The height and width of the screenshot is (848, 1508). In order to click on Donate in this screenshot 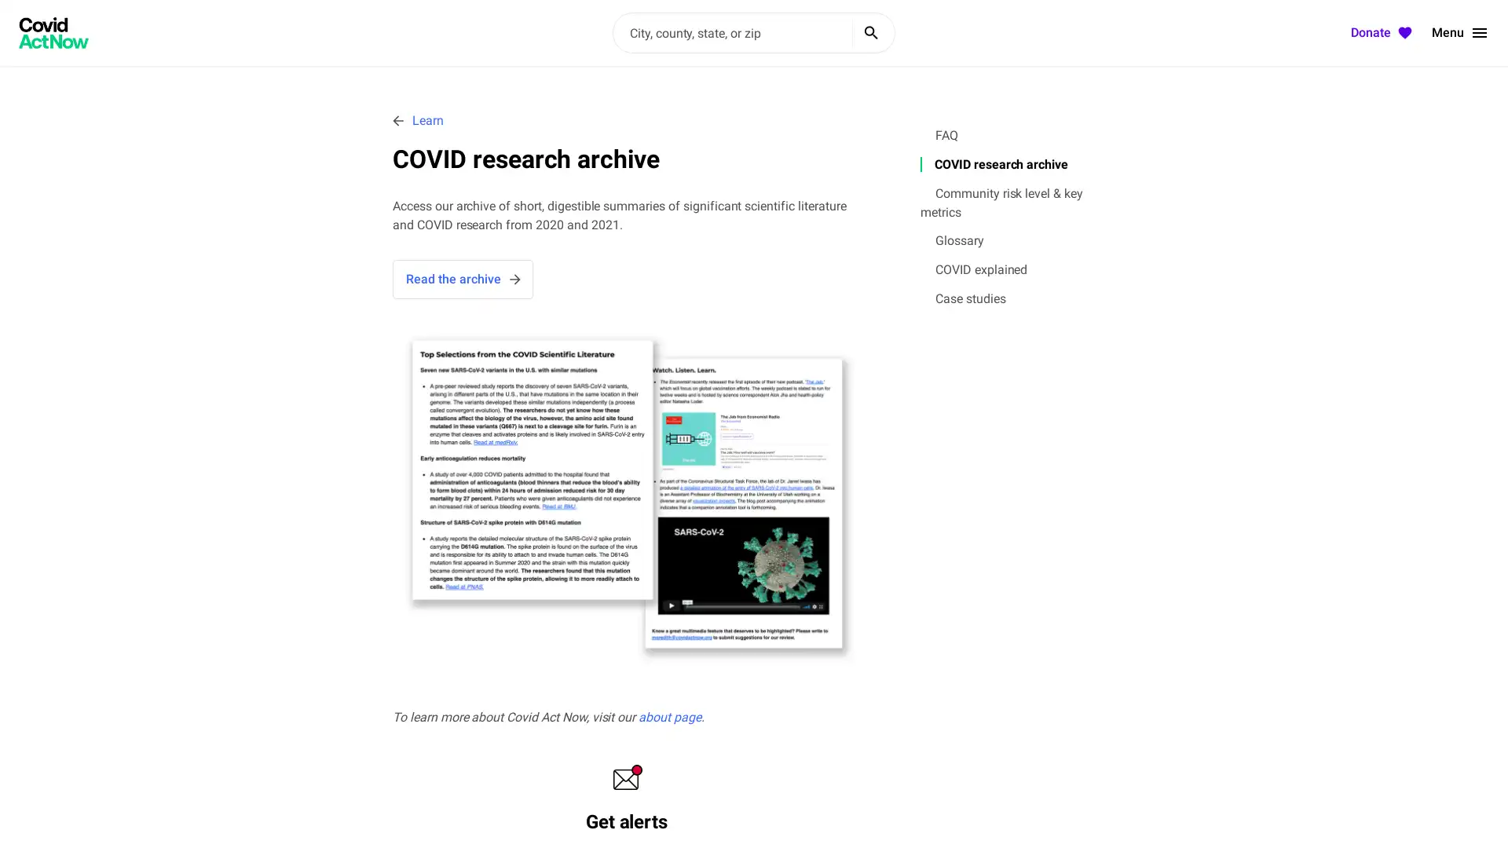, I will do `click(1383, 33)`.